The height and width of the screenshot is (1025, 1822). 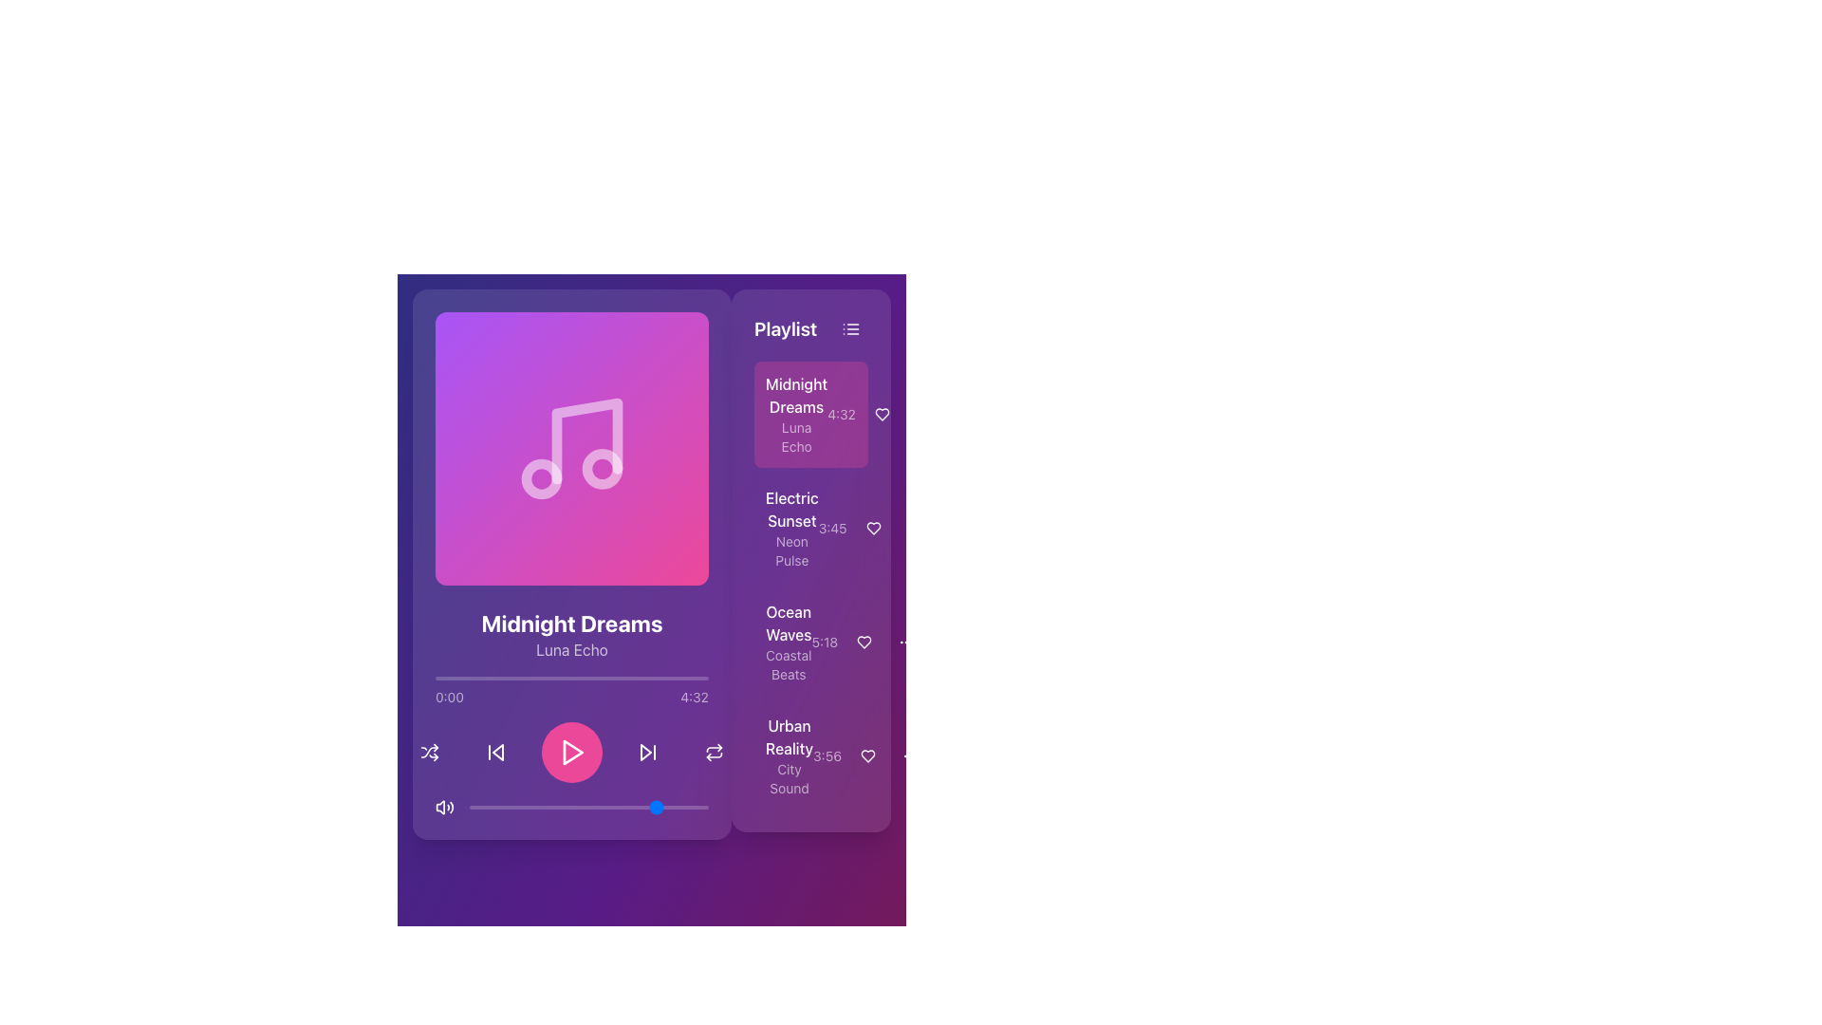 I want to click on the icon button with two opposing arrows forming a circular loop, located in the bottom-right corner of the music player interface, so click(x=714, y=752).